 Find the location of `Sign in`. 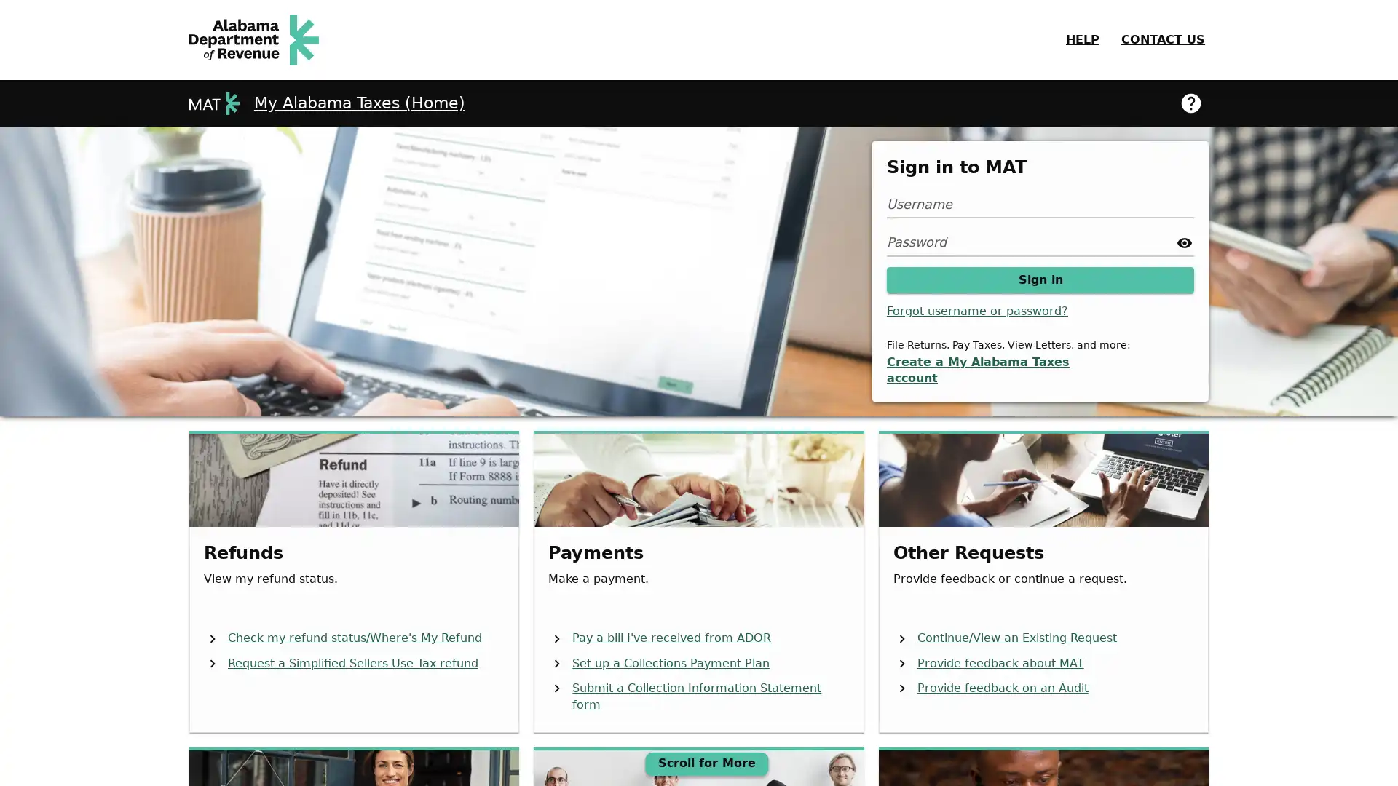

Sign in is located at coordinates (1040, 279).